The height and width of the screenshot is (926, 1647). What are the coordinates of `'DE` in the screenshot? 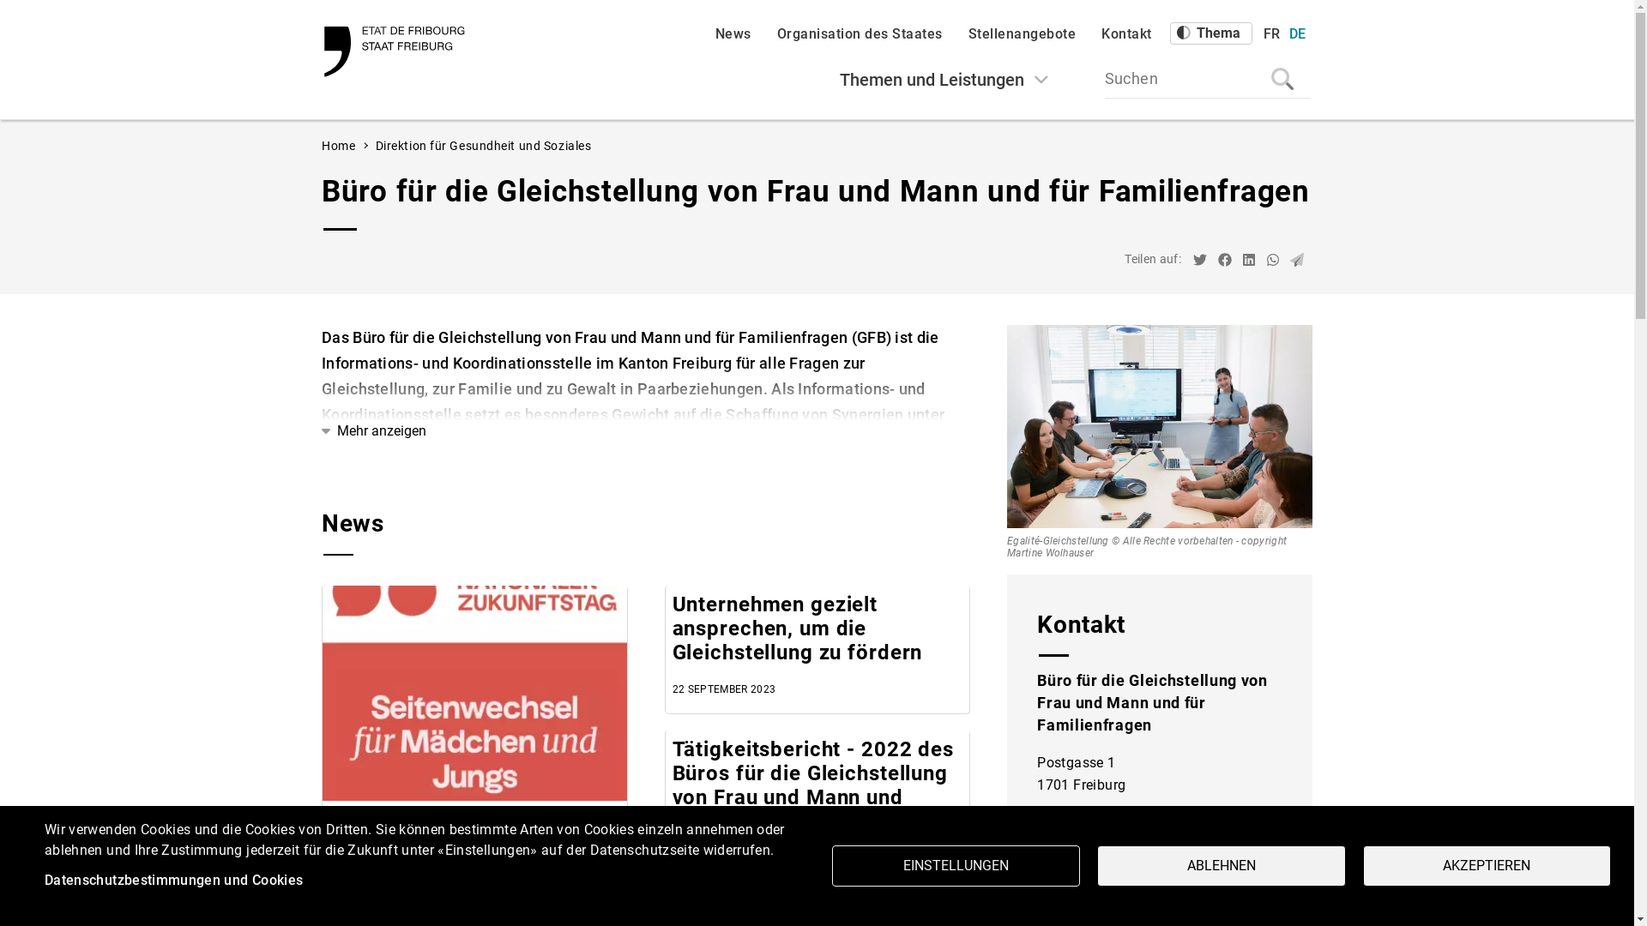 It's located at (1297, 33).